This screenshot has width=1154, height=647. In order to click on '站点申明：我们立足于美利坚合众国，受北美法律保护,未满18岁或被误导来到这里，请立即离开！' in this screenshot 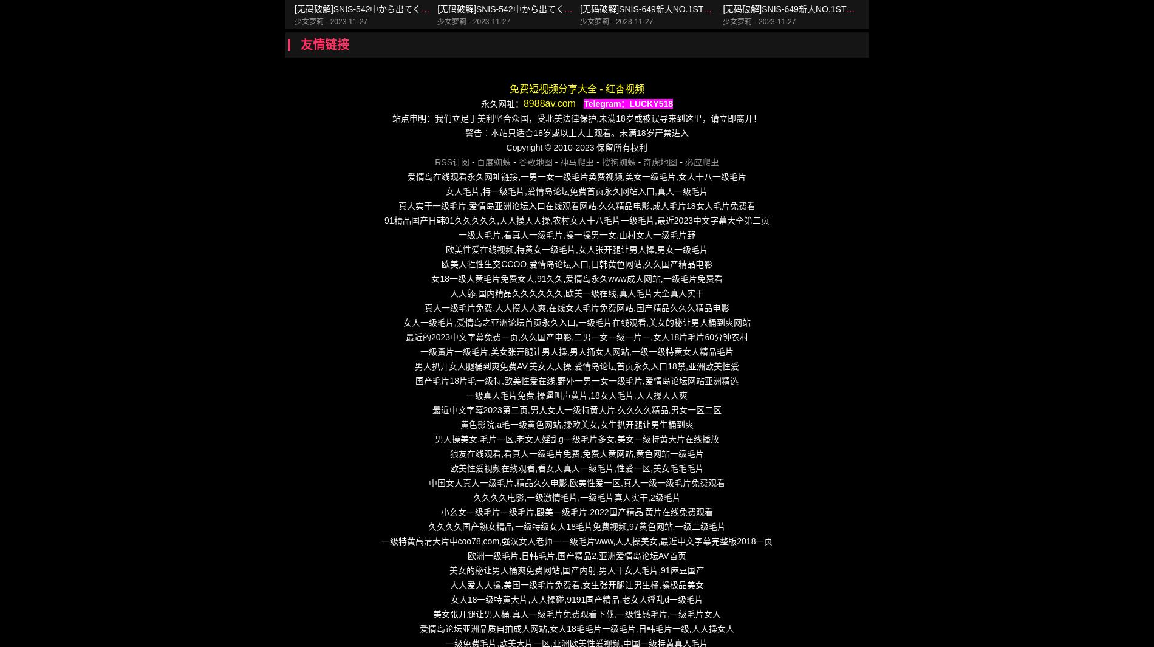, I will do `click(576, 118)`.